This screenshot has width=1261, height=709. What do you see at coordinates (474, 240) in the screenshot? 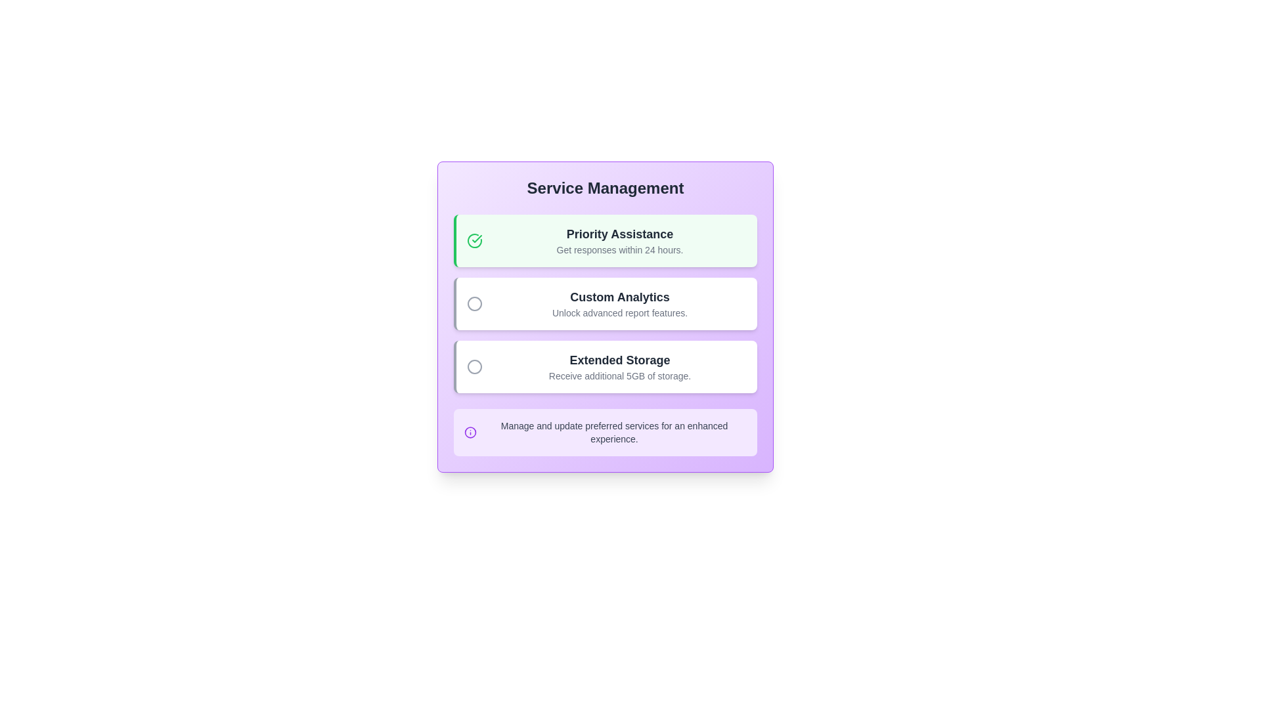
I see `the state of the selection indicator icon for the 'Priority Assistance' feature, located in the left section of the item labeled 'Priority Assistance' under 'Service Management'` at bounding box center [474, 240].